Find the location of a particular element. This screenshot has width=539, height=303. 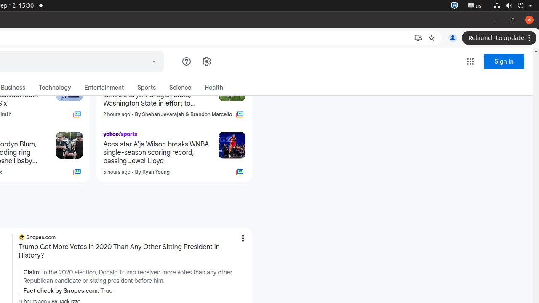

'Install Google News' is located at coordinates (418, 38).